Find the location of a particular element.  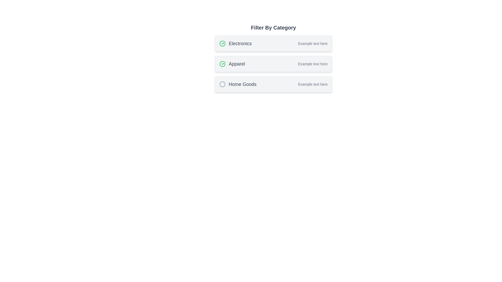

the text label displaying 'Example text here' located in the right section of the 'Home Goods' category card is located at coordinates (313, 84).